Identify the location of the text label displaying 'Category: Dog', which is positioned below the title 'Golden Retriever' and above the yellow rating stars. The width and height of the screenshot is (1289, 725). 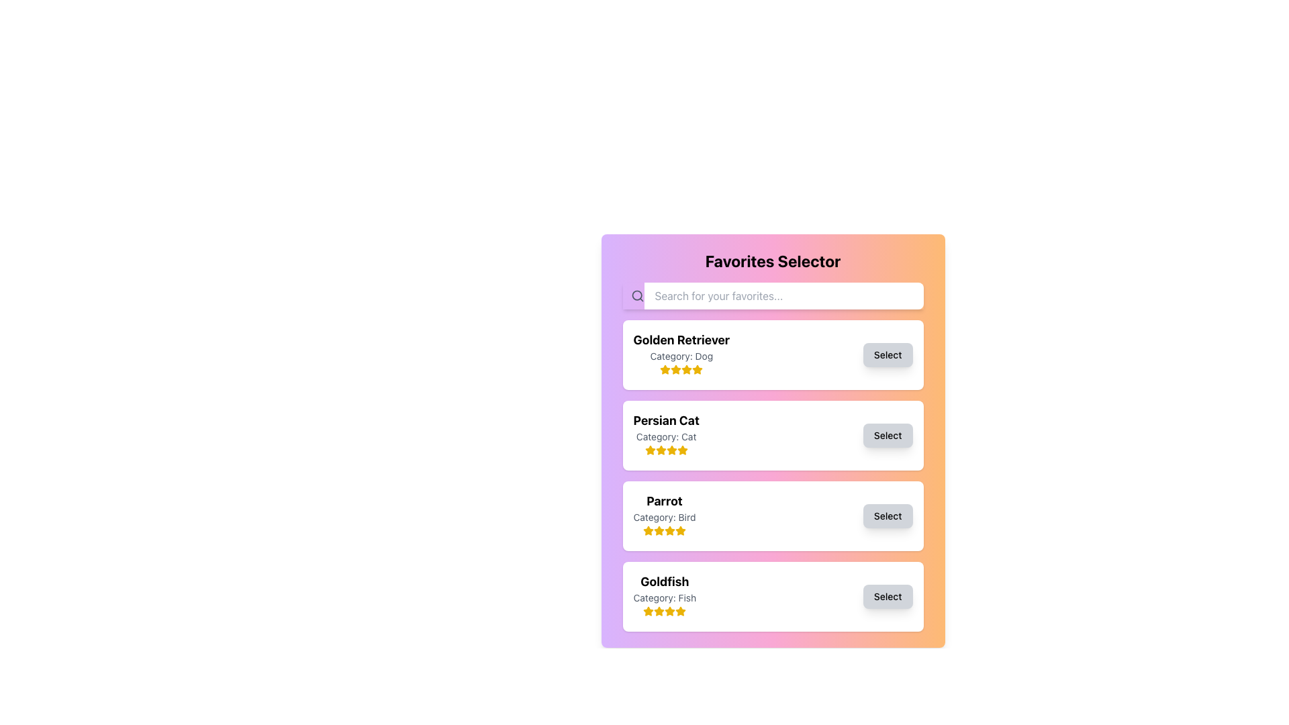
(681, 356).